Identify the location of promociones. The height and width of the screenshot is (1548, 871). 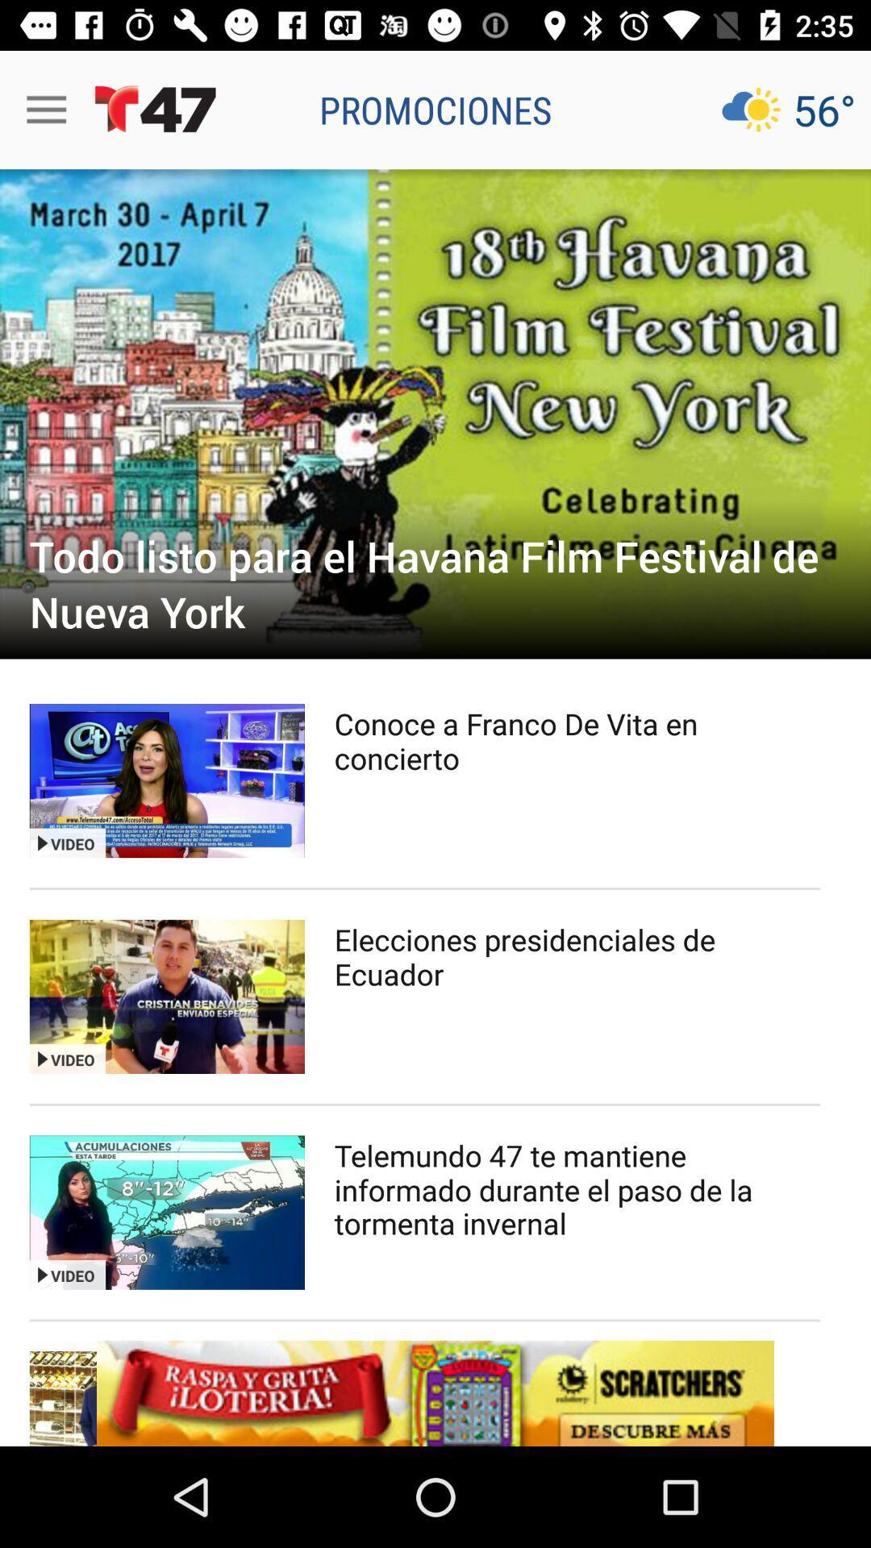
(435, 109).